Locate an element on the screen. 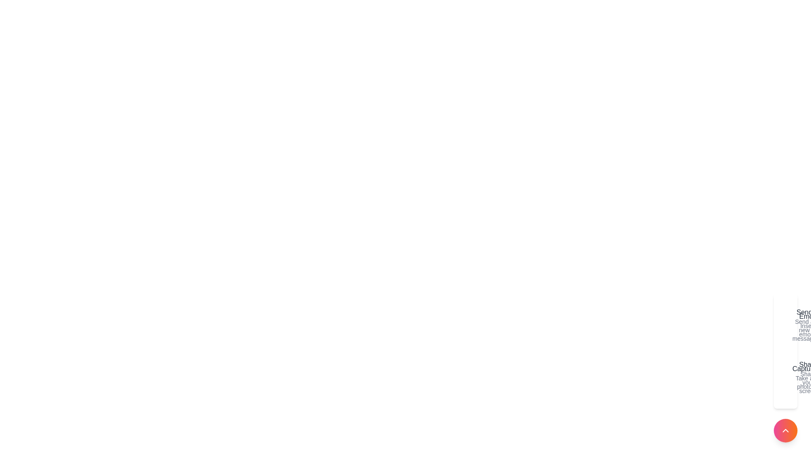 This screenshot has width=811, height=456. the action Capture to highlight it is located at coordinates (787, 377).